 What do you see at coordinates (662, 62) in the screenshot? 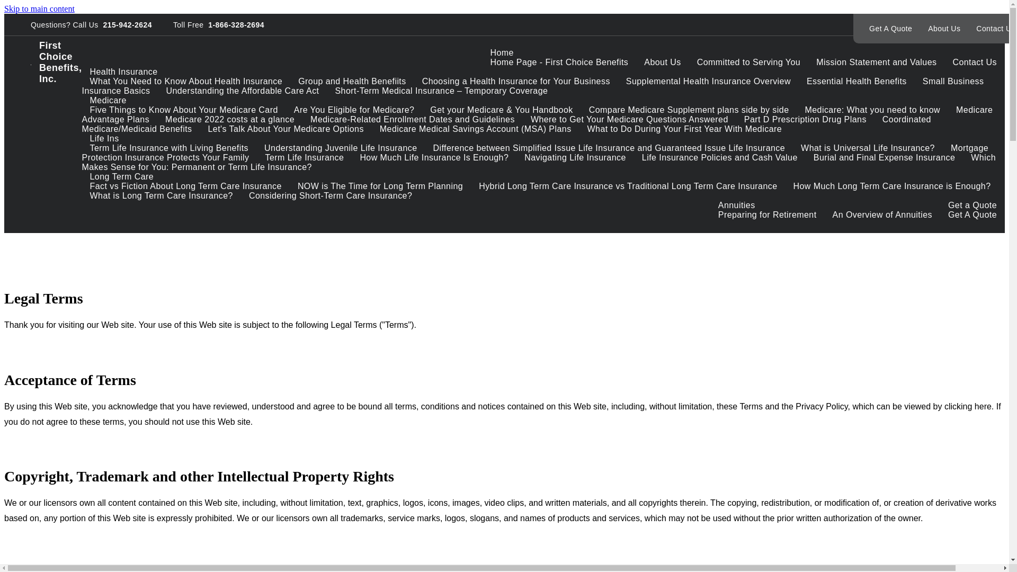
I see `'About Us'` at bounding box center [662, 62].